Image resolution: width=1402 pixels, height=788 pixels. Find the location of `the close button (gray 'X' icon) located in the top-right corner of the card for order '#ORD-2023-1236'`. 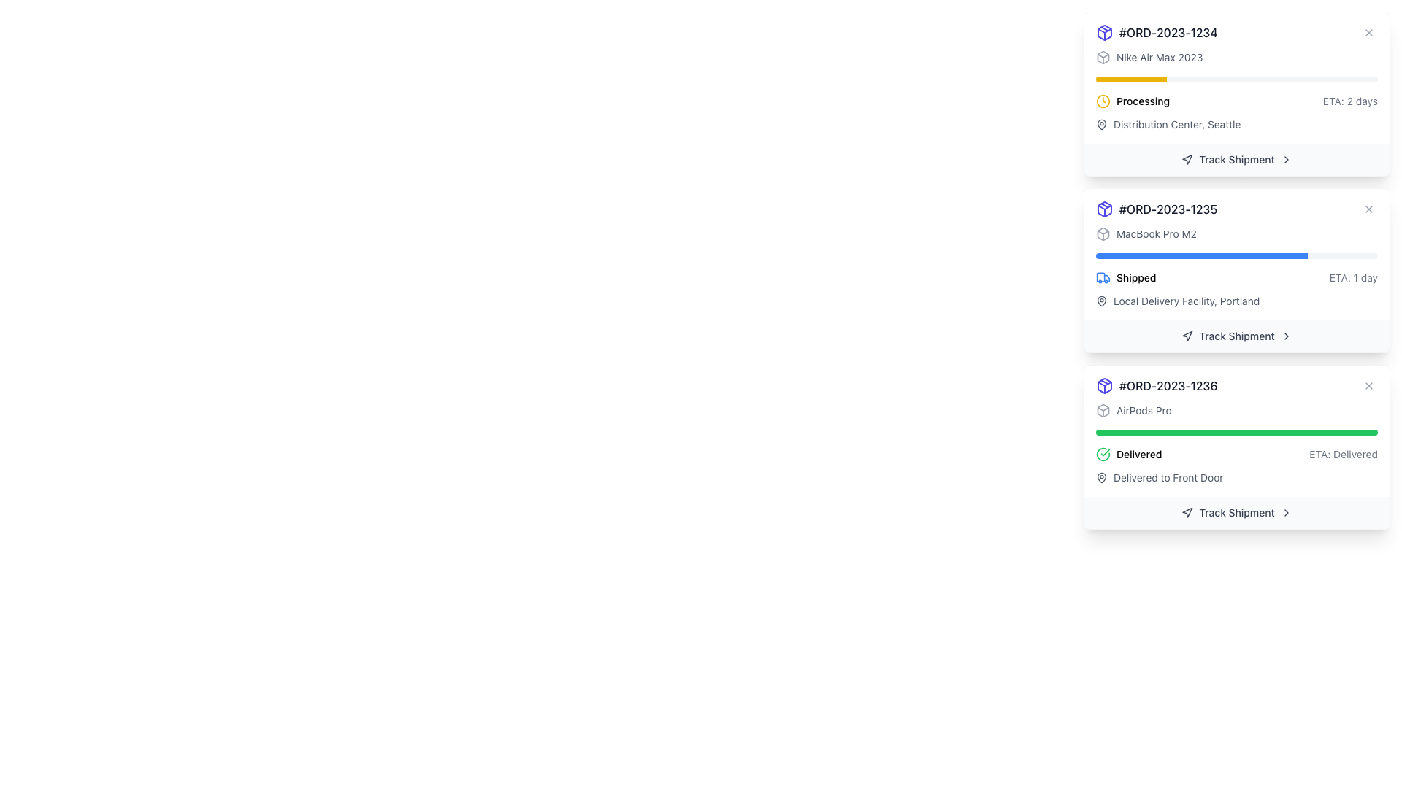

the close button (gray 'X' icon) located in the top-right corner of the card for order '#ORD-2023-1236' is located at coordinates (1368, 385).